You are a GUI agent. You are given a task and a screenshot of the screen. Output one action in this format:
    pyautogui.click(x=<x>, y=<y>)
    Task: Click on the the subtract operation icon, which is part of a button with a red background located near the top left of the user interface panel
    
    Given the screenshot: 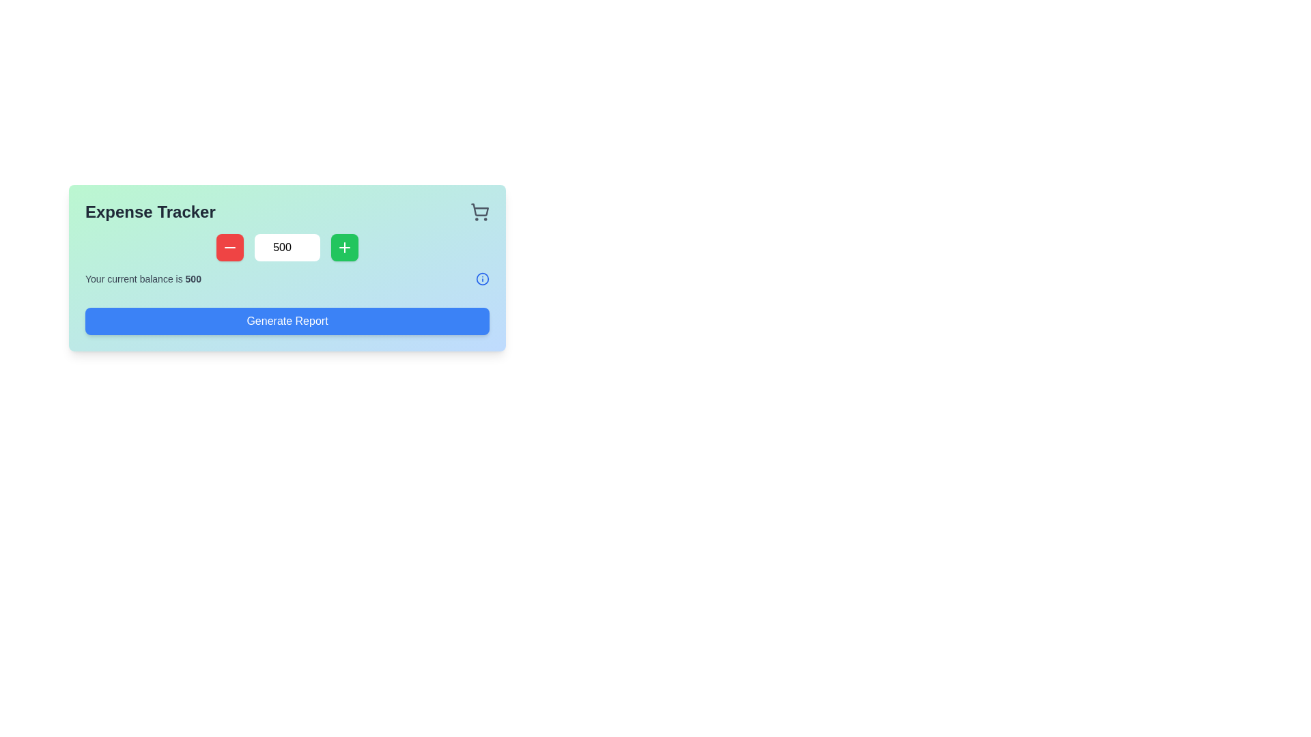 What is the action you would take?
    pyautogui.click(x=229, y=247)
    